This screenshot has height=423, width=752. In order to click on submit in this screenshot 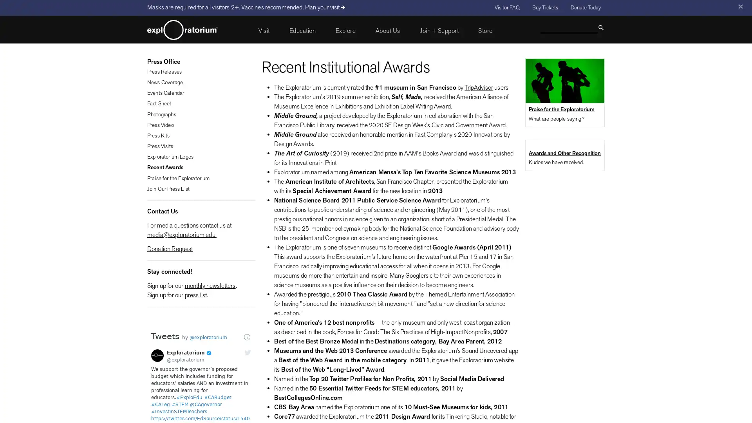, I will do `click(600, 27)`.